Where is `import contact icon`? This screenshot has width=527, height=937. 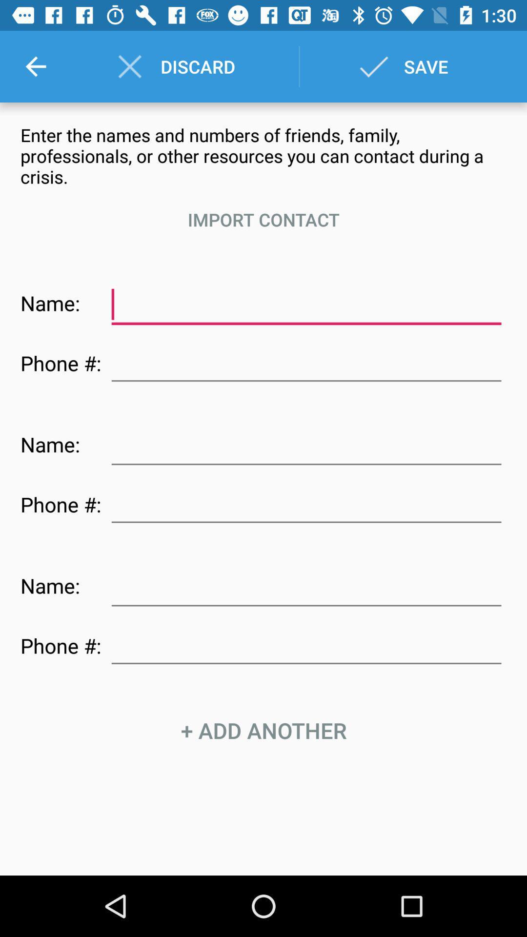
import contact icon is located at coordinates (263, 219).